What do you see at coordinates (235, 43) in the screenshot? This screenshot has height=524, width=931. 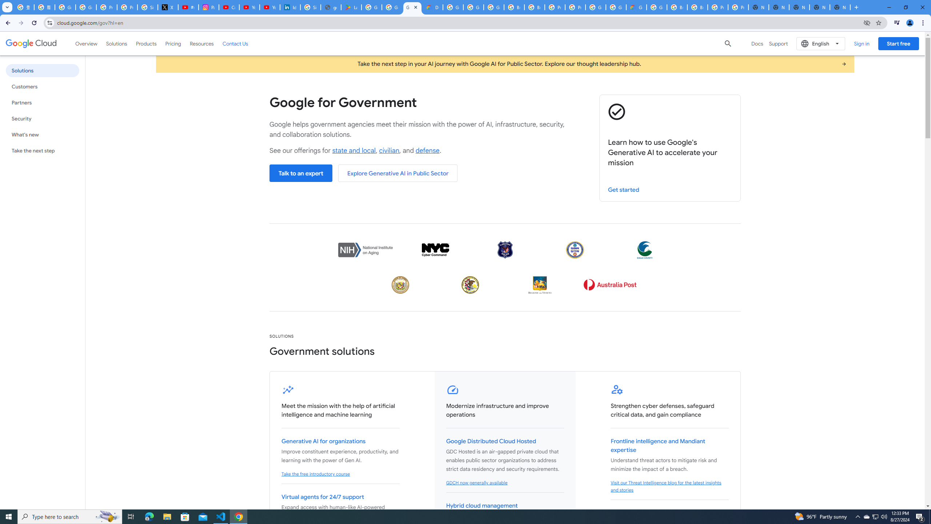 I see `'Contact Us'` at bounding box center [235, 43].